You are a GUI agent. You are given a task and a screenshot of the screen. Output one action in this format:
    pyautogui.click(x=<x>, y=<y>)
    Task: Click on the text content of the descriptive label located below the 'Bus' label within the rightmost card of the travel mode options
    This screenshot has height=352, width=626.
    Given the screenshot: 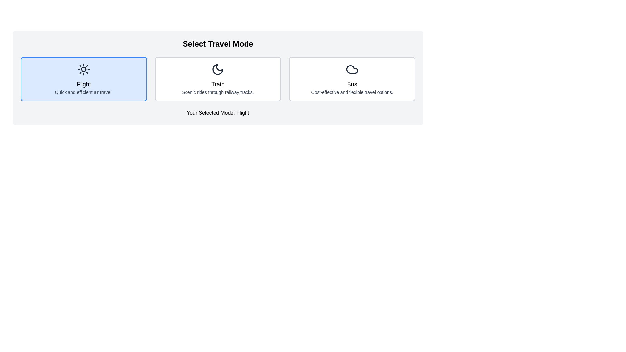 What is the action you would take?
    pyautogui.click(x=352, y=92)
    